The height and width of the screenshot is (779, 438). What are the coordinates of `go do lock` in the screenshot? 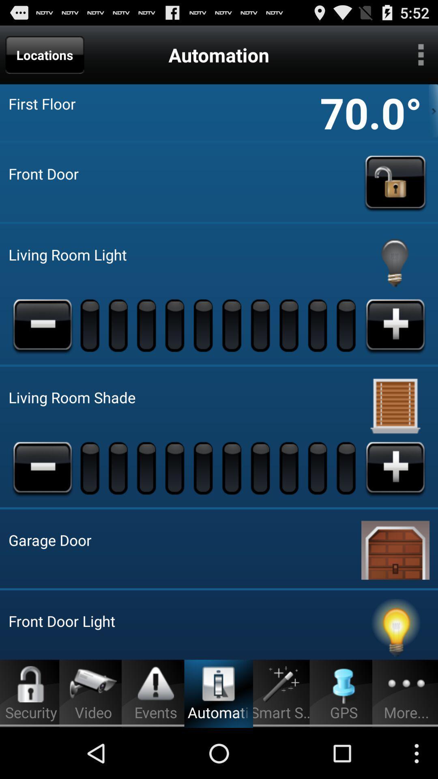 It's located at (395, 182).